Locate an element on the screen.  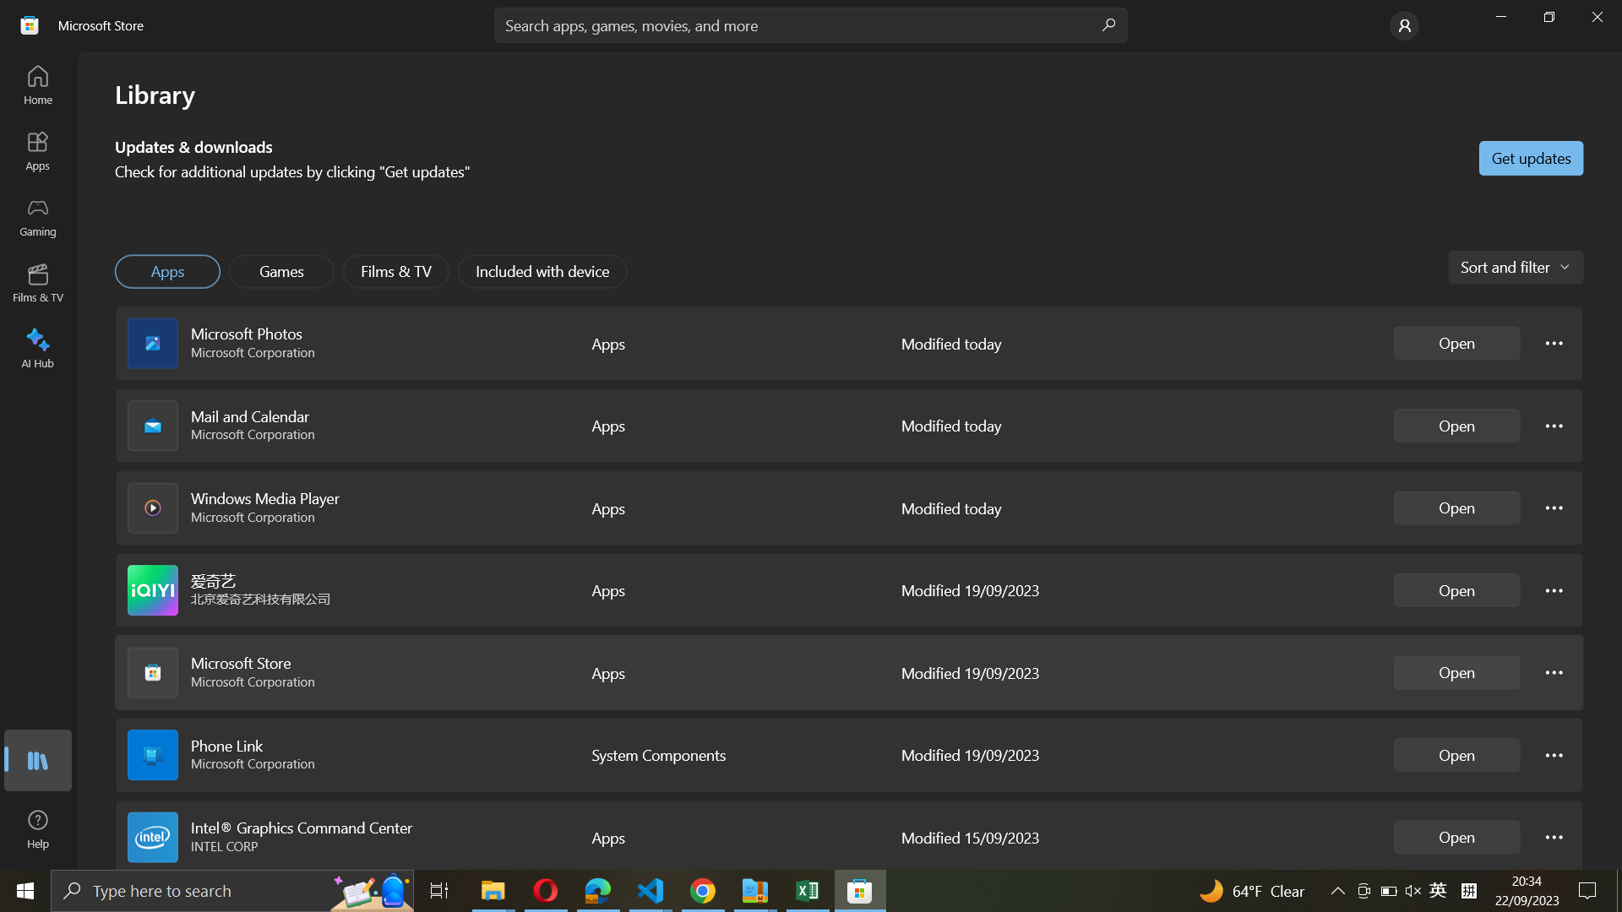
the Games icon is located at coordinates (282, 270).